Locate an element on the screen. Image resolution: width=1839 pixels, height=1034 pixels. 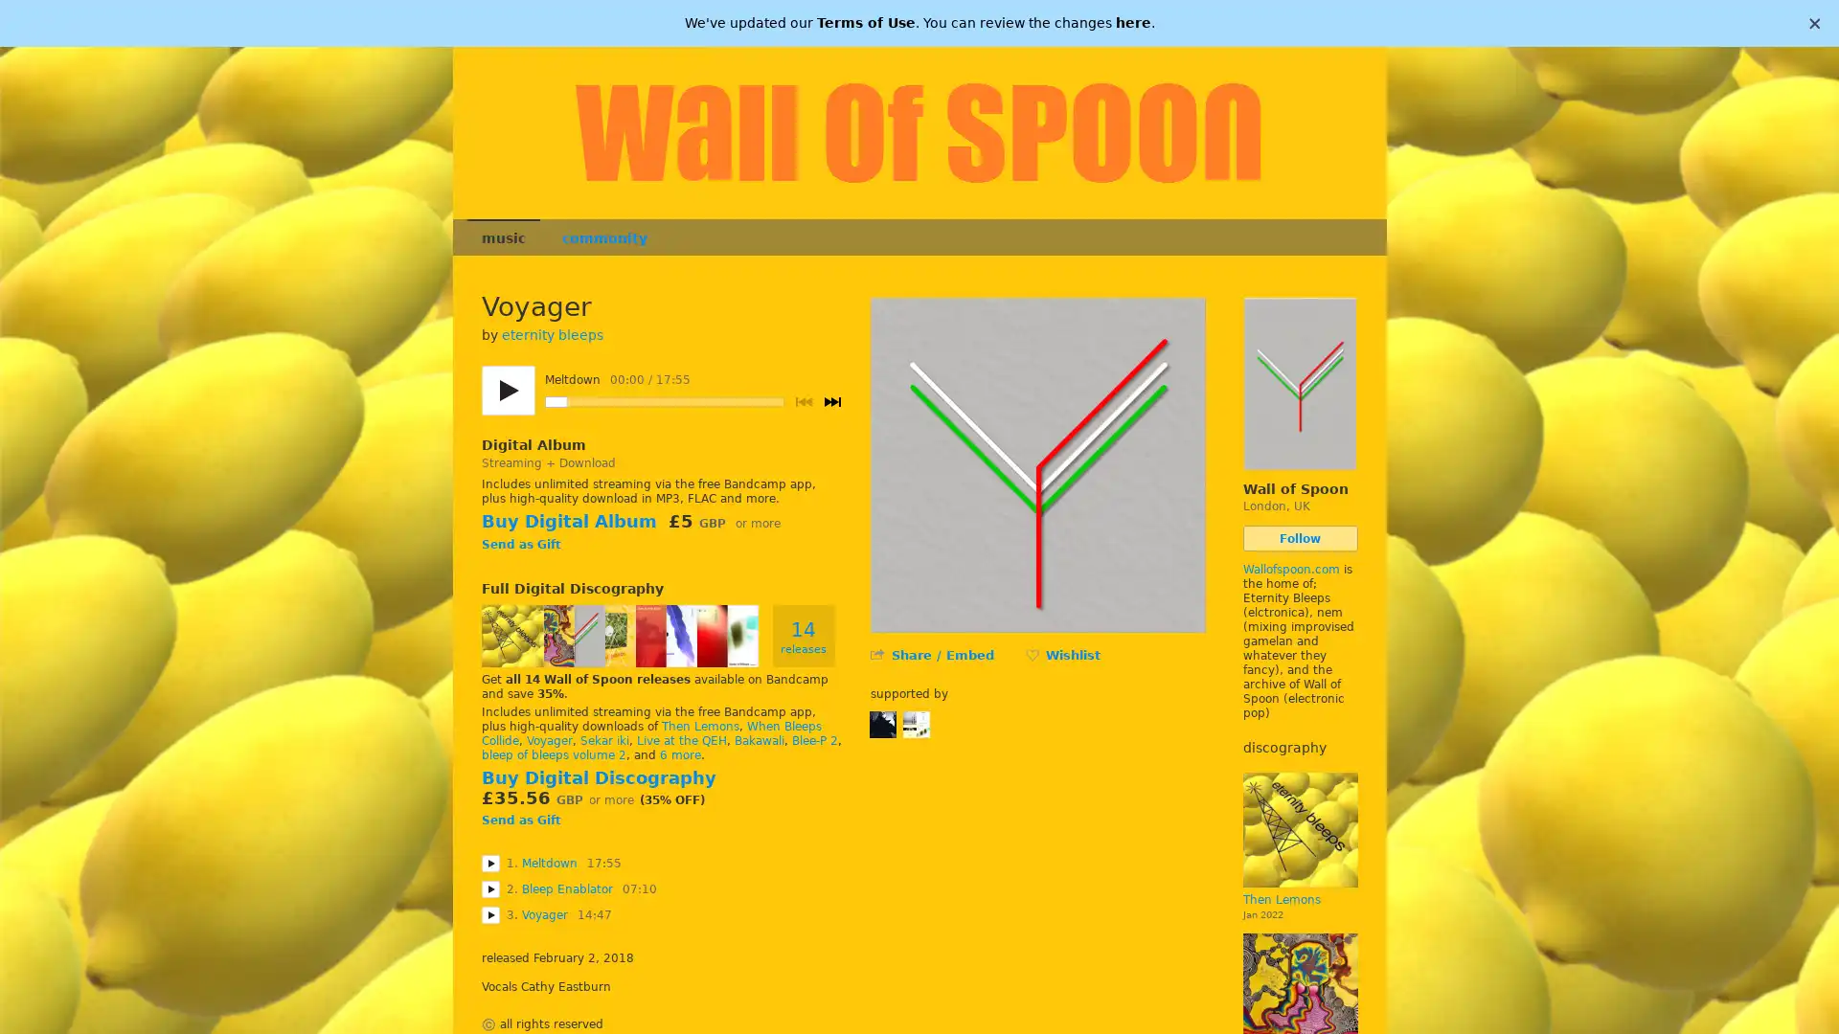
Digital Album is located at coordinates (533, 445).